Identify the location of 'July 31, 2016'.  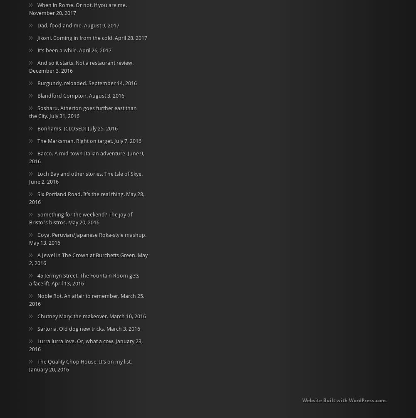
(49, 115).